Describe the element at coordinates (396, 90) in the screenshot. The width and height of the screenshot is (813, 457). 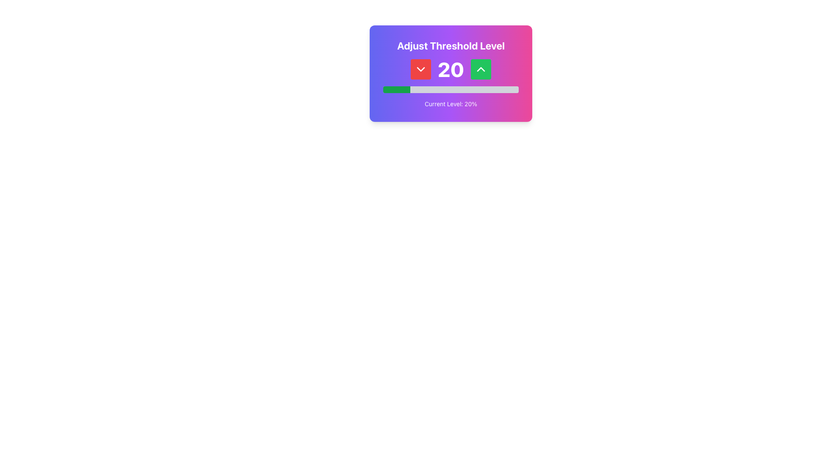
I see `the leftmost 20% segment of the green progress bar located at the bottom of the card interface` at that location.